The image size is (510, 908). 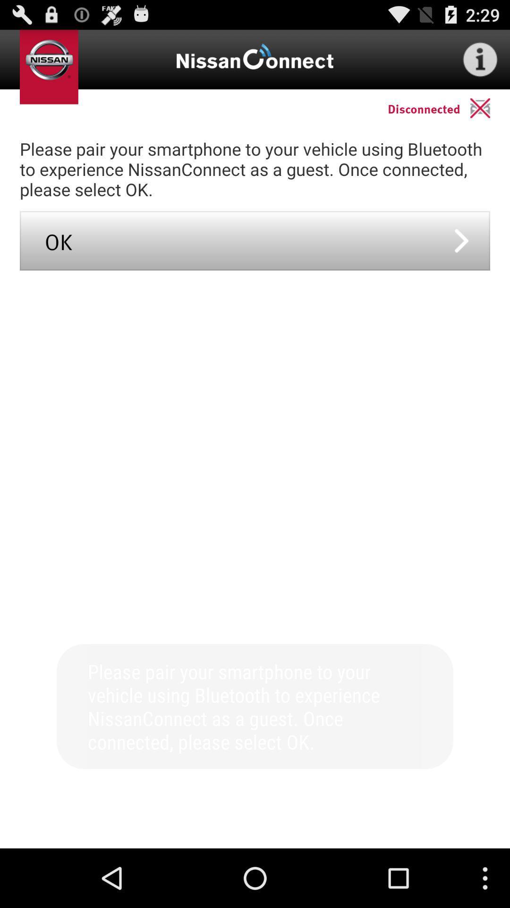 I want to click on icon above please pair your icon, so click(x=489, y=108).